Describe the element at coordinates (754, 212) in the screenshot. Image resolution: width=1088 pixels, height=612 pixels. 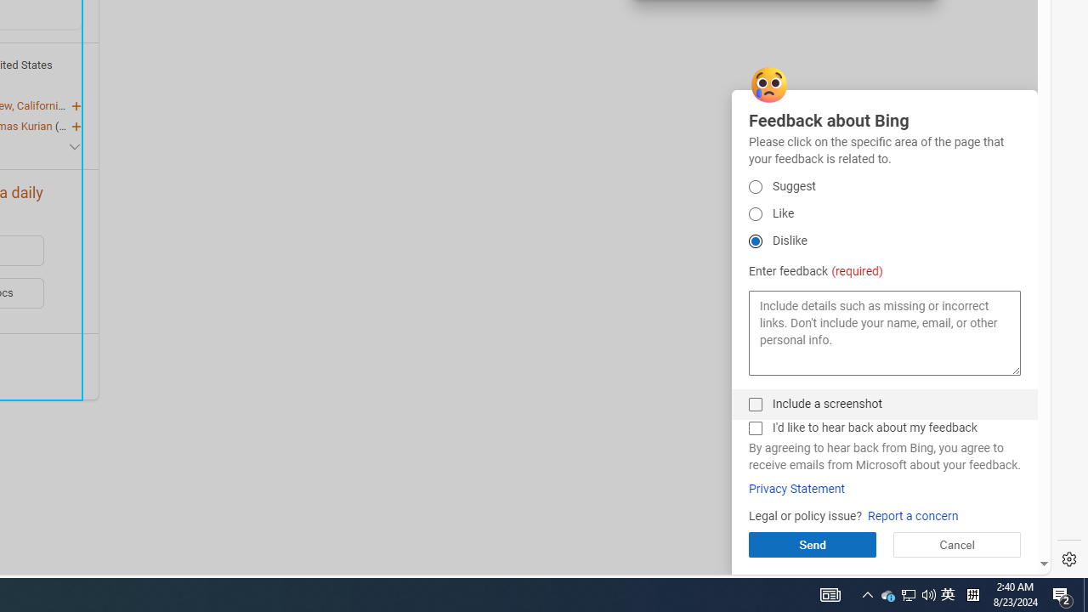
I see `'Suggest'` at that location.